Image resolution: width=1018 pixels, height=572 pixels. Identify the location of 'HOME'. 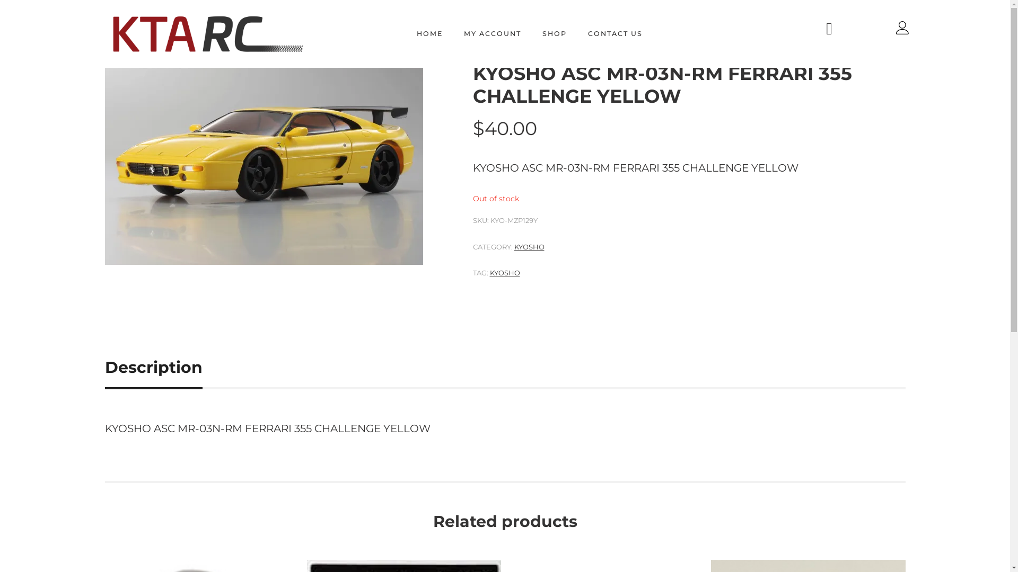
(472, 42).